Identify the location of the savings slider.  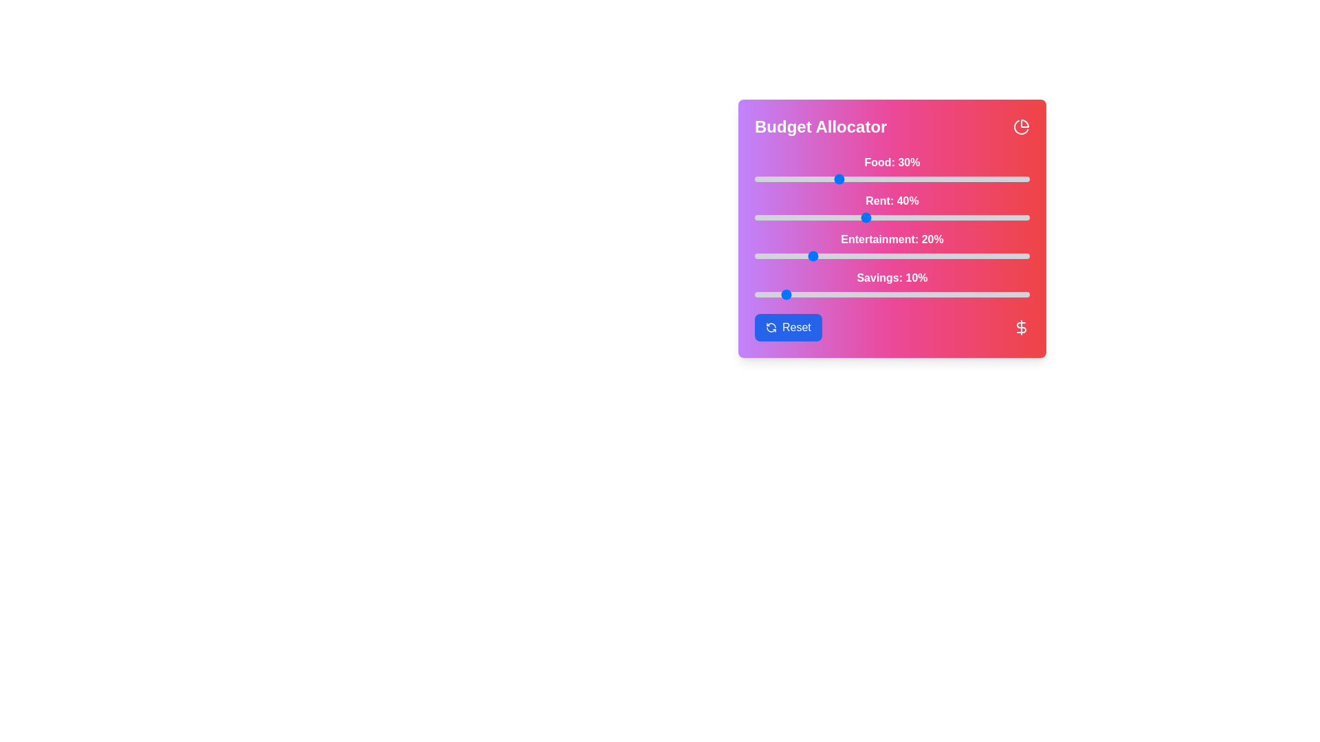
(911, 293).